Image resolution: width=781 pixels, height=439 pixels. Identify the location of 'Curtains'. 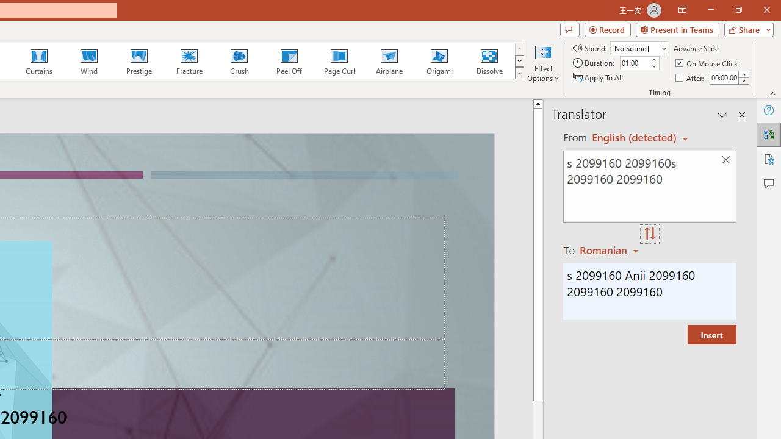
(39, 61).